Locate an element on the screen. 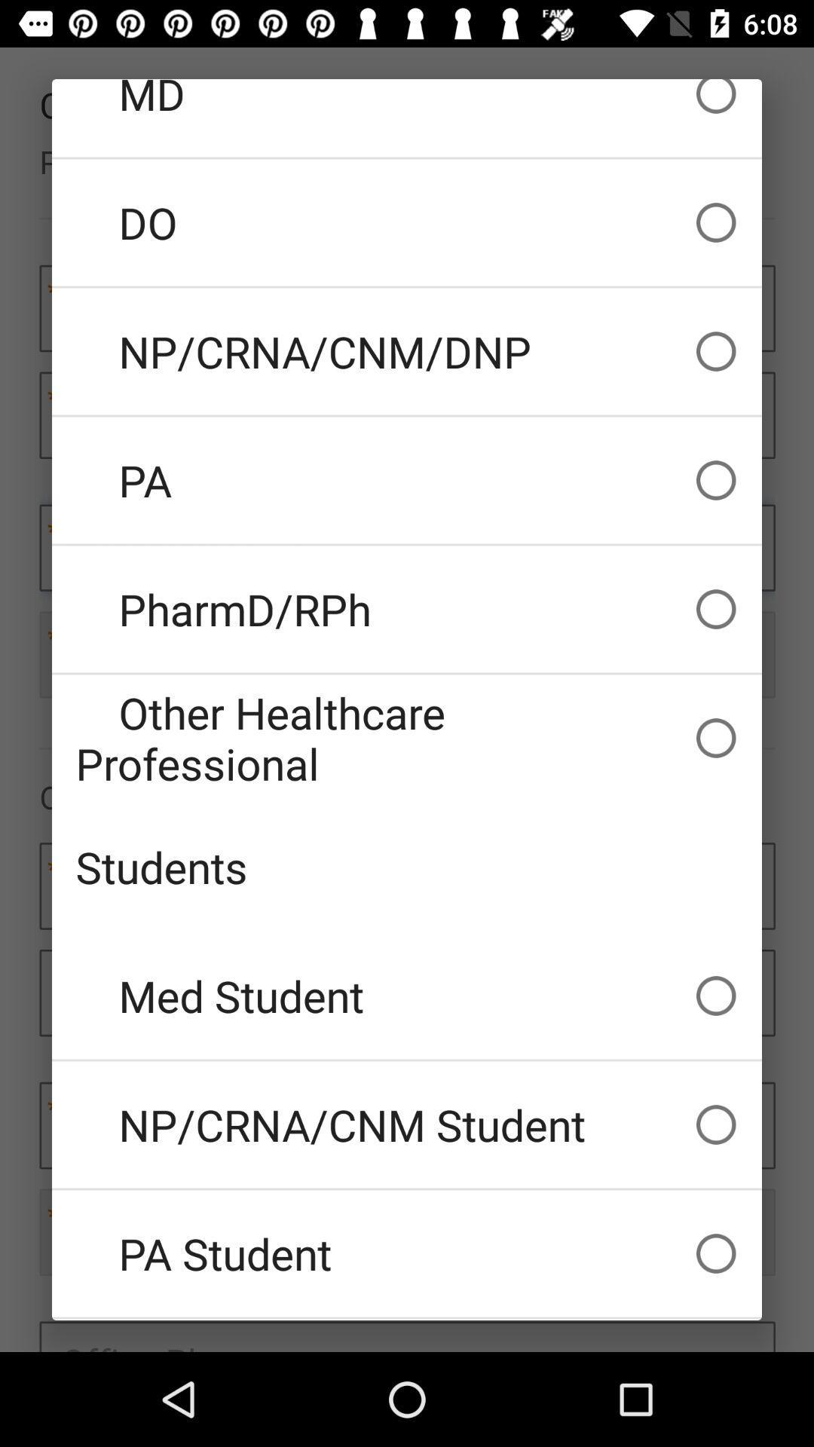 This screenshot has height=1447, width=814. other healthcare professional item is located at coordinates (407, 738).